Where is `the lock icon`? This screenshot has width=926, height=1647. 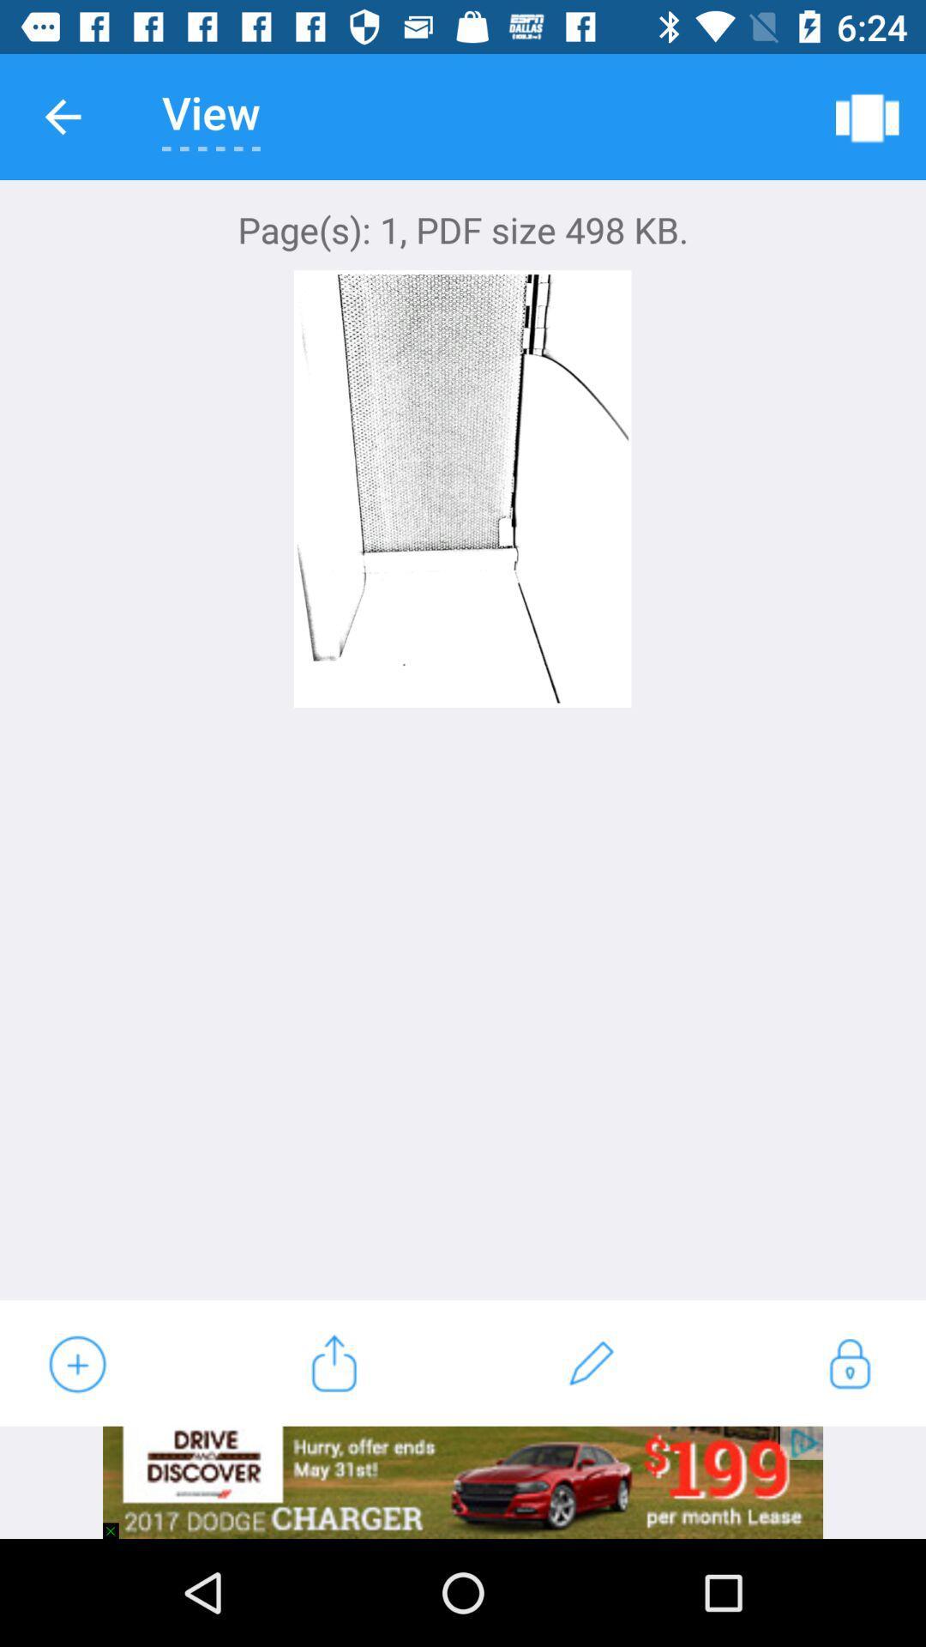
the lock icon is located at coordinates (849, 1362).